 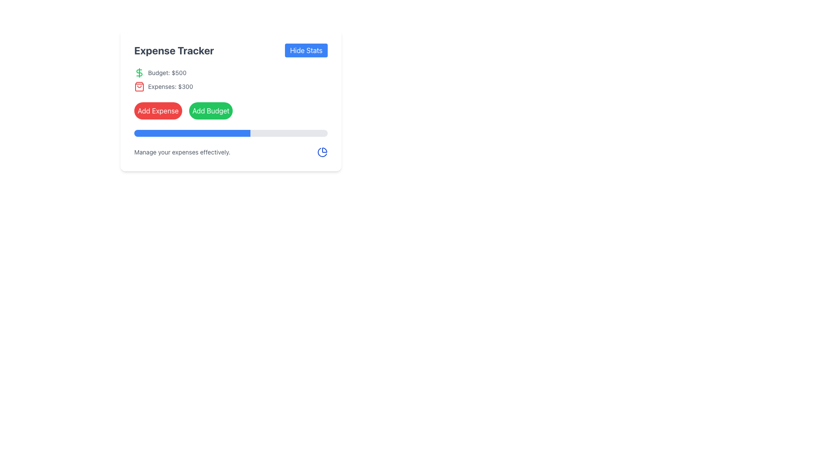 I want to click on the red shopping bag icon located to the left of the text 'Expenses: $300' in the top-left quadrant of the interface, so click(x=139, y=86).